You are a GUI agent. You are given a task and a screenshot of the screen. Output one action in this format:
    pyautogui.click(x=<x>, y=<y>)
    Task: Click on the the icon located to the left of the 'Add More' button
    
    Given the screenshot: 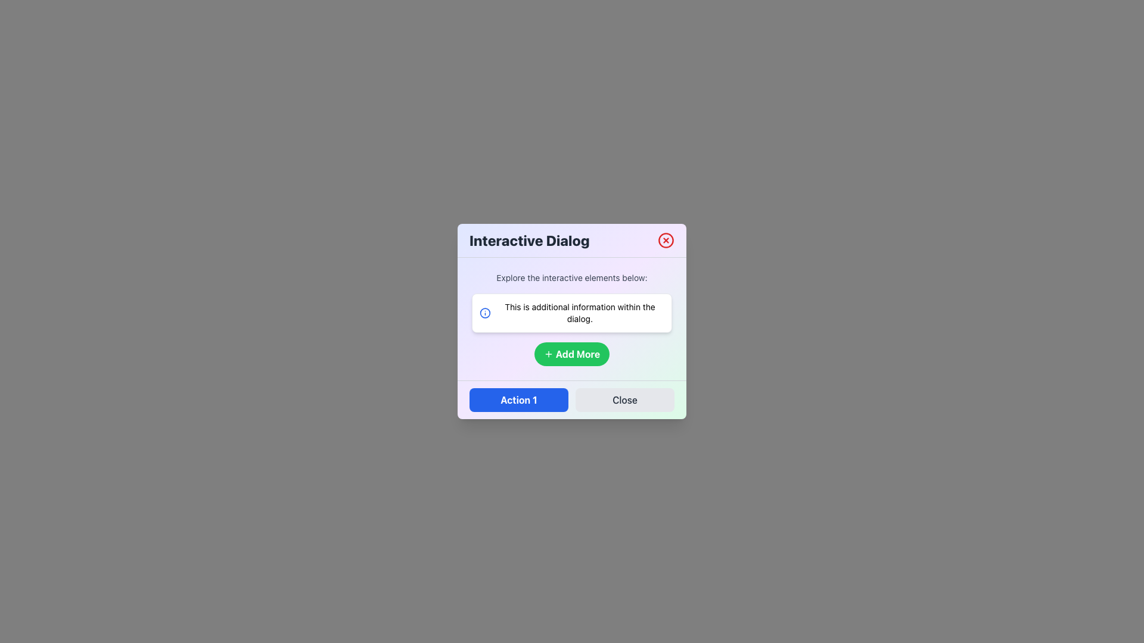 What is the action you would take?
    pyautogui.click(x=548, y=353)
    